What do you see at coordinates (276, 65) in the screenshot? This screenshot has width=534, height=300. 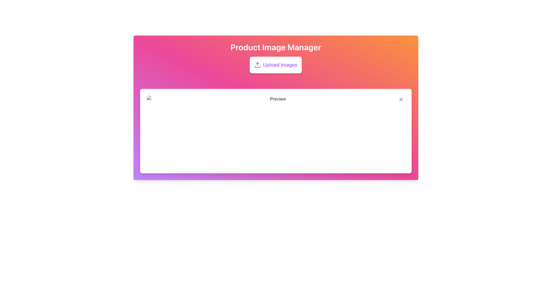 I see `the image upload button located below the 'Product Image Manager' title at the top center of the interface` at bounding box center [276, 65].